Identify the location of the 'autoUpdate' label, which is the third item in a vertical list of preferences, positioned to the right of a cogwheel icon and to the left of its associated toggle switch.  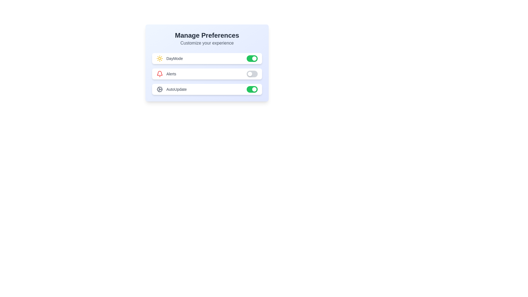
(177, 89).